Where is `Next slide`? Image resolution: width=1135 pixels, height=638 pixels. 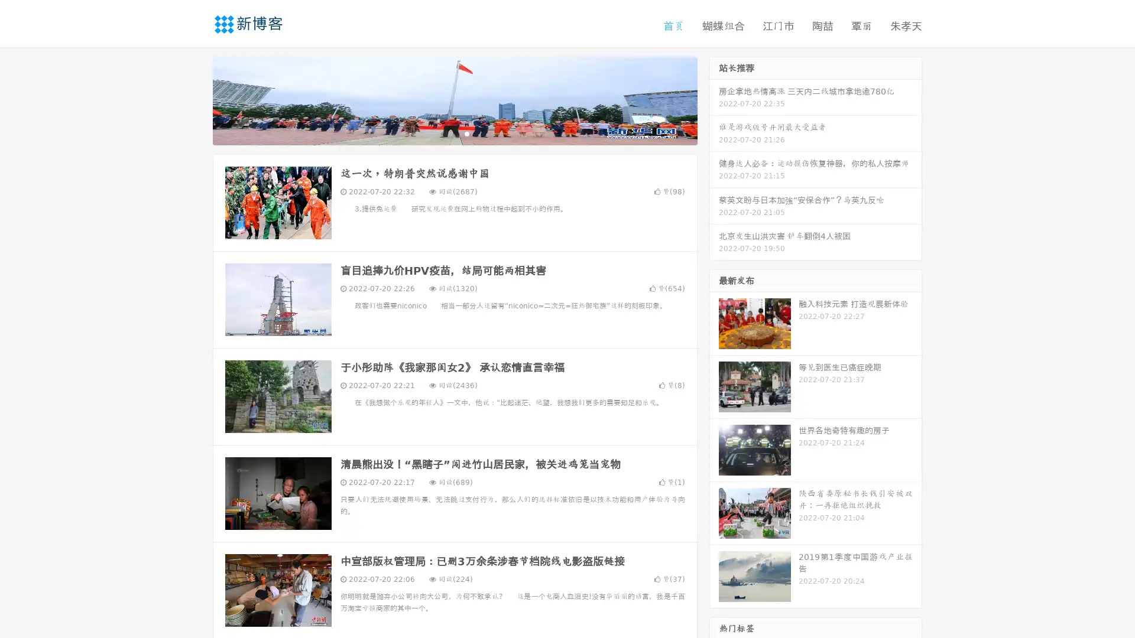
Next slide is located at coordinates (714, 99).